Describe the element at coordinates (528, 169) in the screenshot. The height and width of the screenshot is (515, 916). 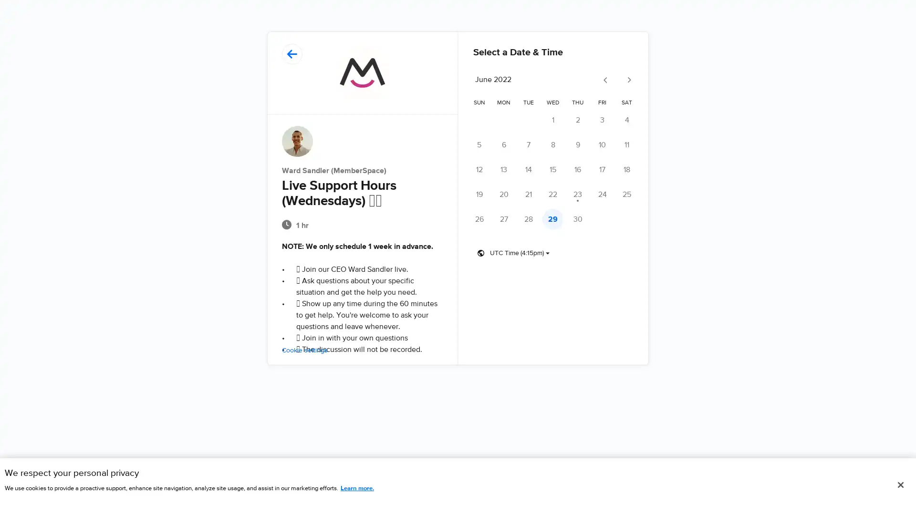
I see `Tuesday, June 14 - No times available` at that location.